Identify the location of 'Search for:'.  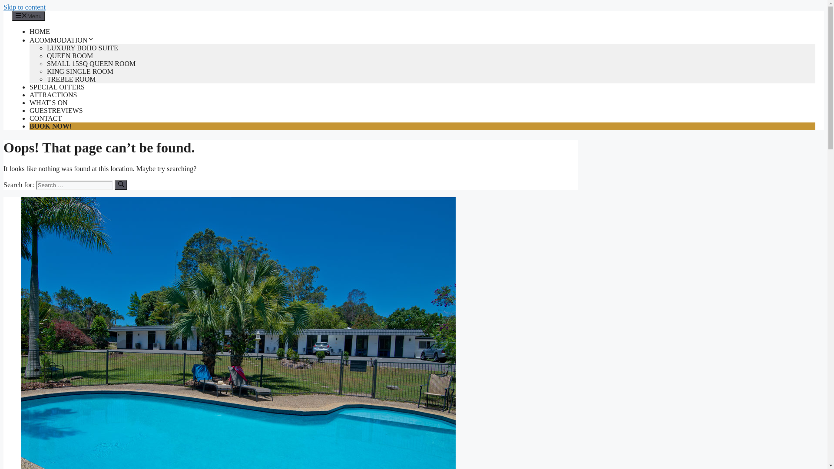
(74, 185).